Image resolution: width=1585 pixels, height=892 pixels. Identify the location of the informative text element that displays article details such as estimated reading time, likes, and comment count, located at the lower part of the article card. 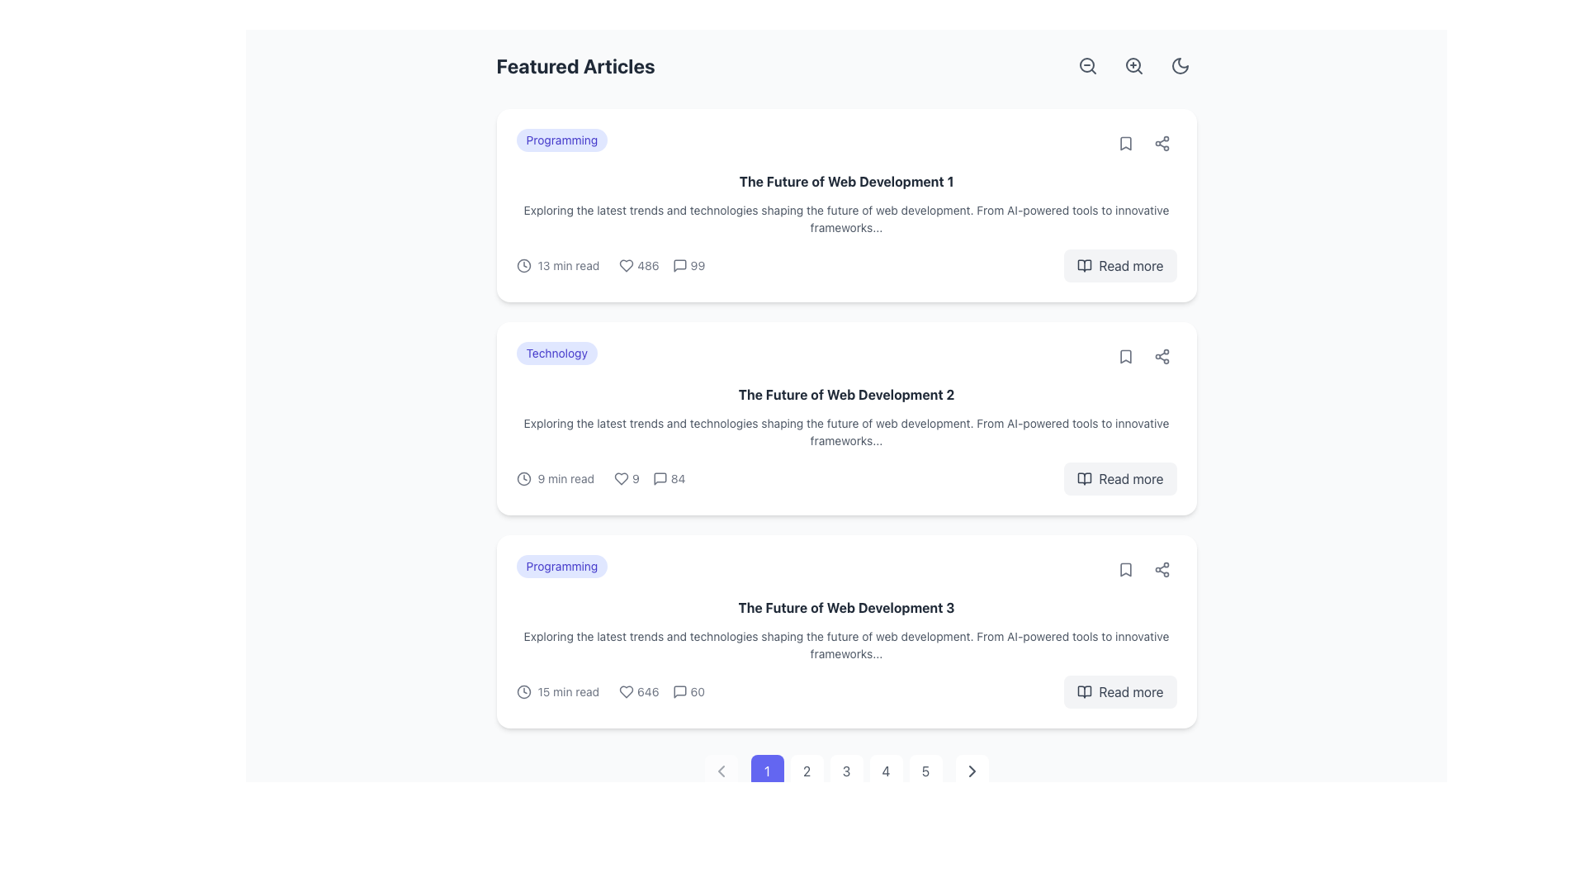
(600, 478).